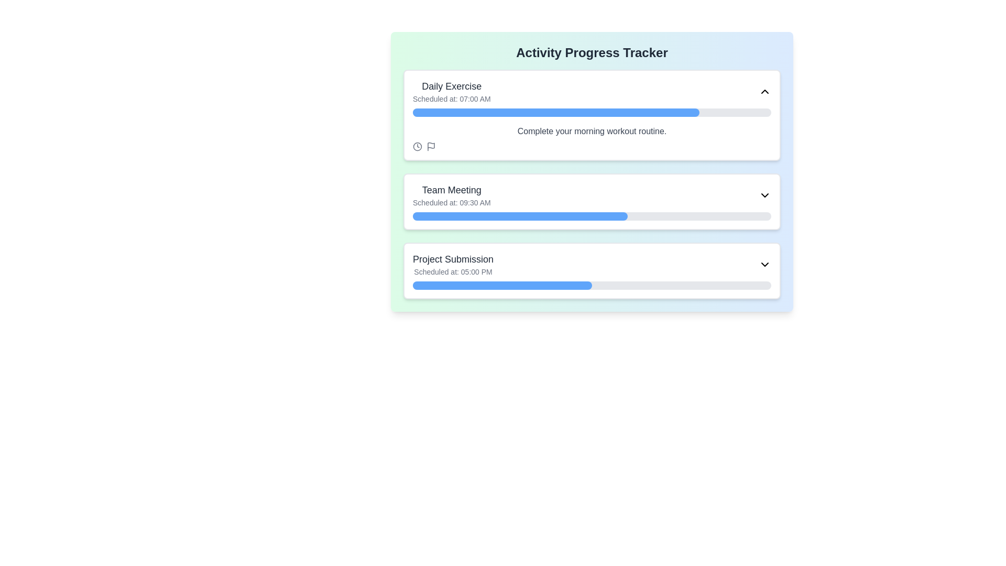  I want to click on the static Progress Bar located in the 'Project Submission' panel, beneath the text 'Scheduled at: 05:00 PM' and to the left of the chevron-down icon, so click(592, 285).